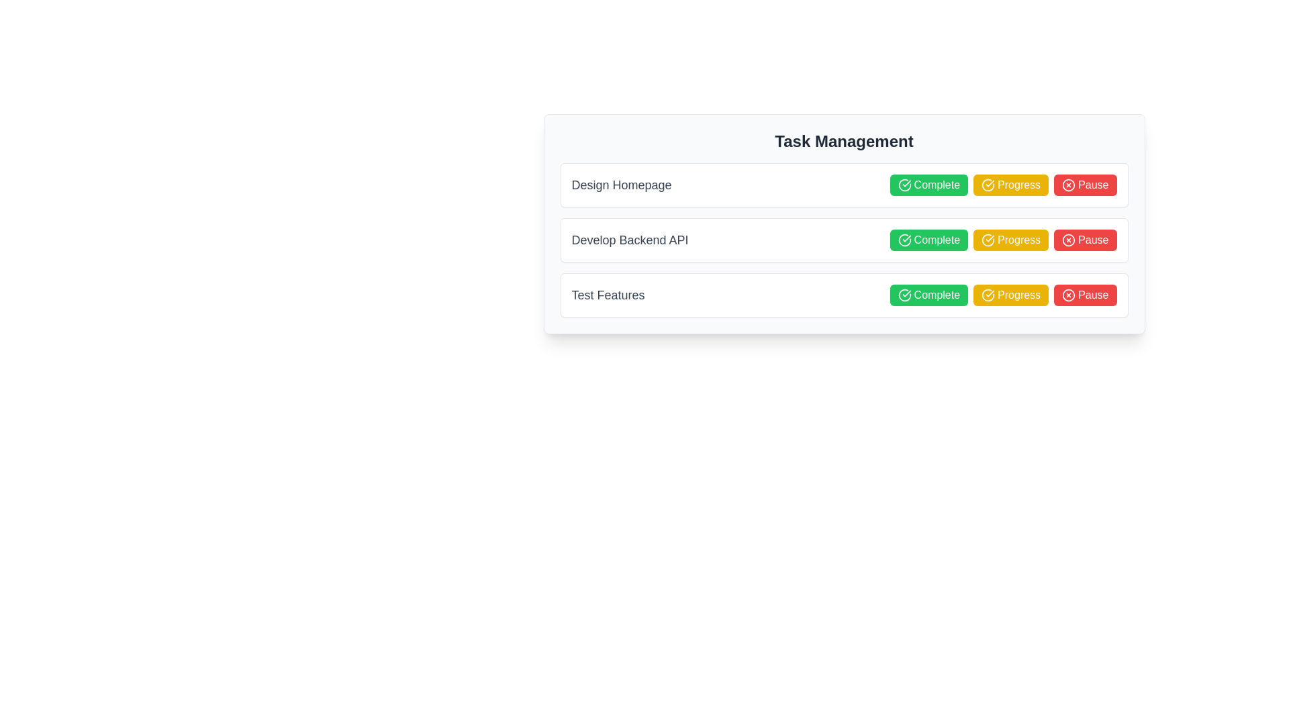  Describe the element at coordinates (904, 294) in the screenshot. I see `the decorative confirmation icon located to the left of the green 'Complete' button in the task management table` at that location.